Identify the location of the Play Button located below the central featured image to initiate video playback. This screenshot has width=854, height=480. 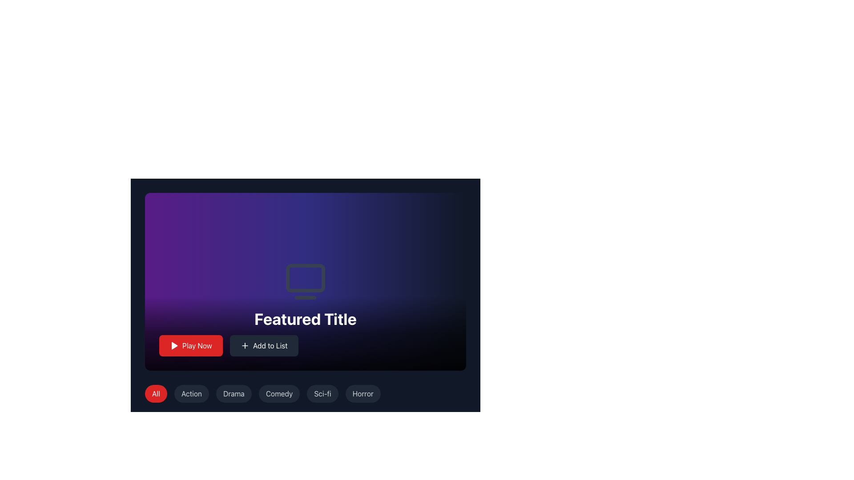
(174, 345).